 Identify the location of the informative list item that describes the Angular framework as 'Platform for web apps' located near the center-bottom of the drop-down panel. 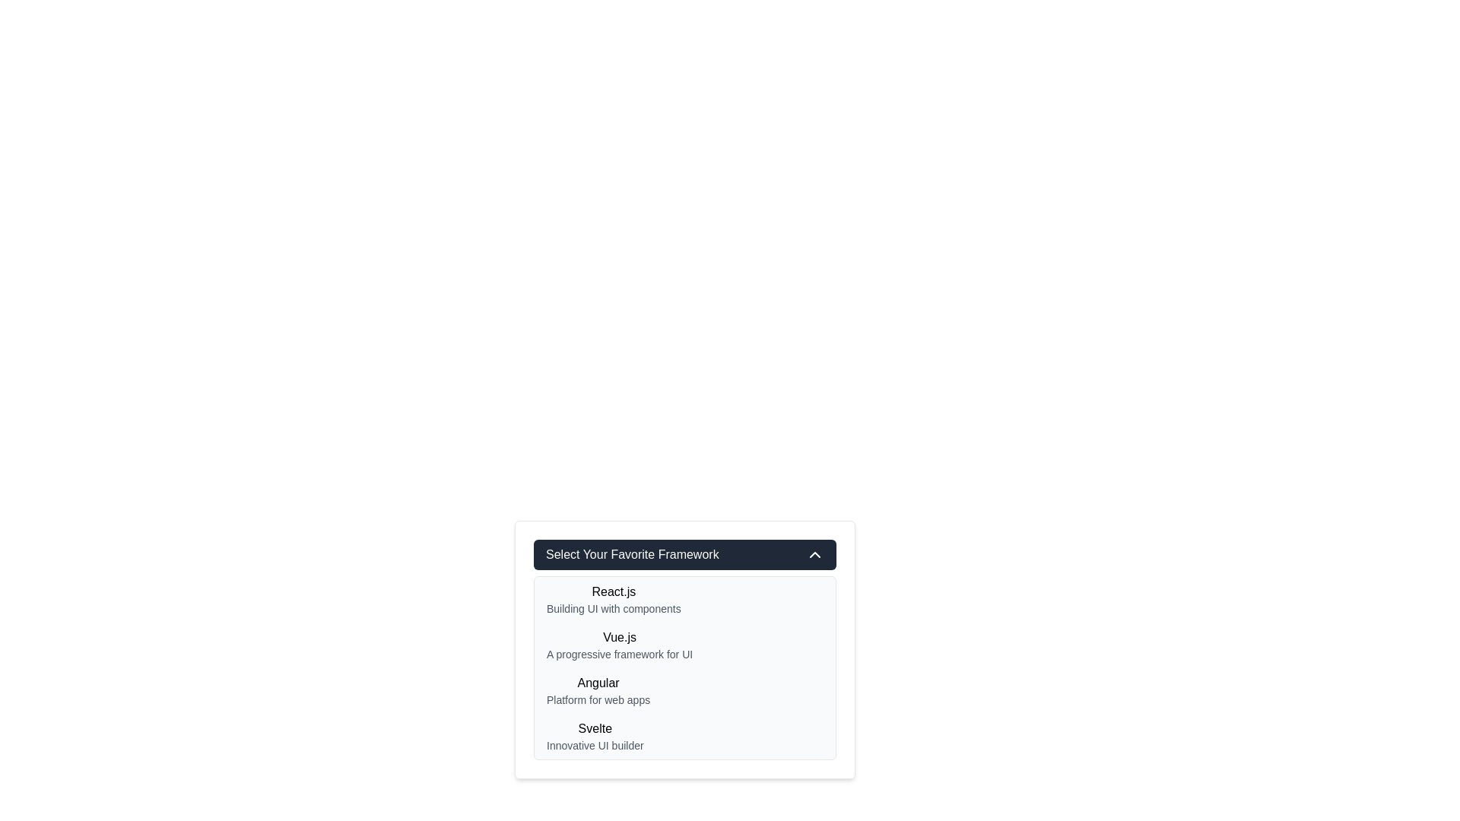
(598, 691).